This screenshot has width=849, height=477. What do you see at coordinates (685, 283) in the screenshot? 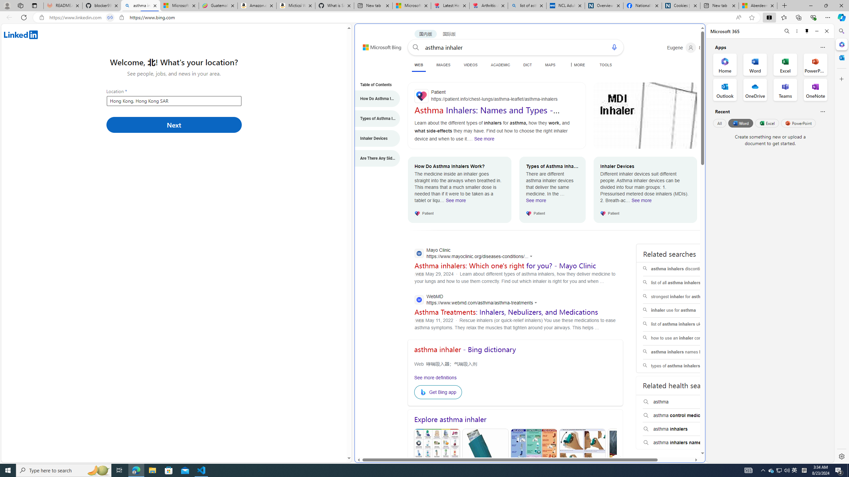
I see `'list of all asthma inhalers'` at bounding box center [685, 283].